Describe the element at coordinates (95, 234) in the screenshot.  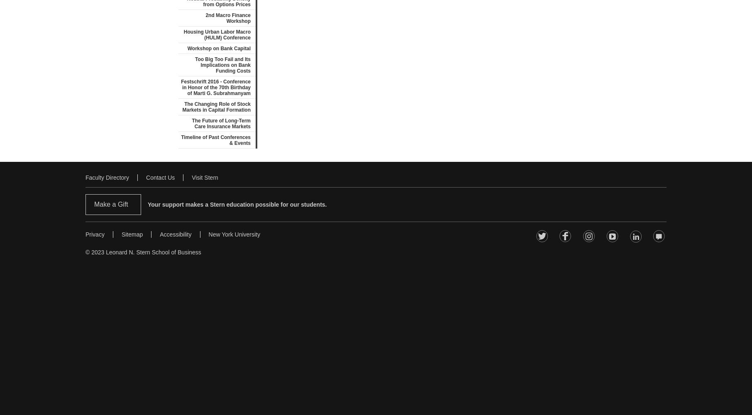
I see `'Privacy'` at that location.